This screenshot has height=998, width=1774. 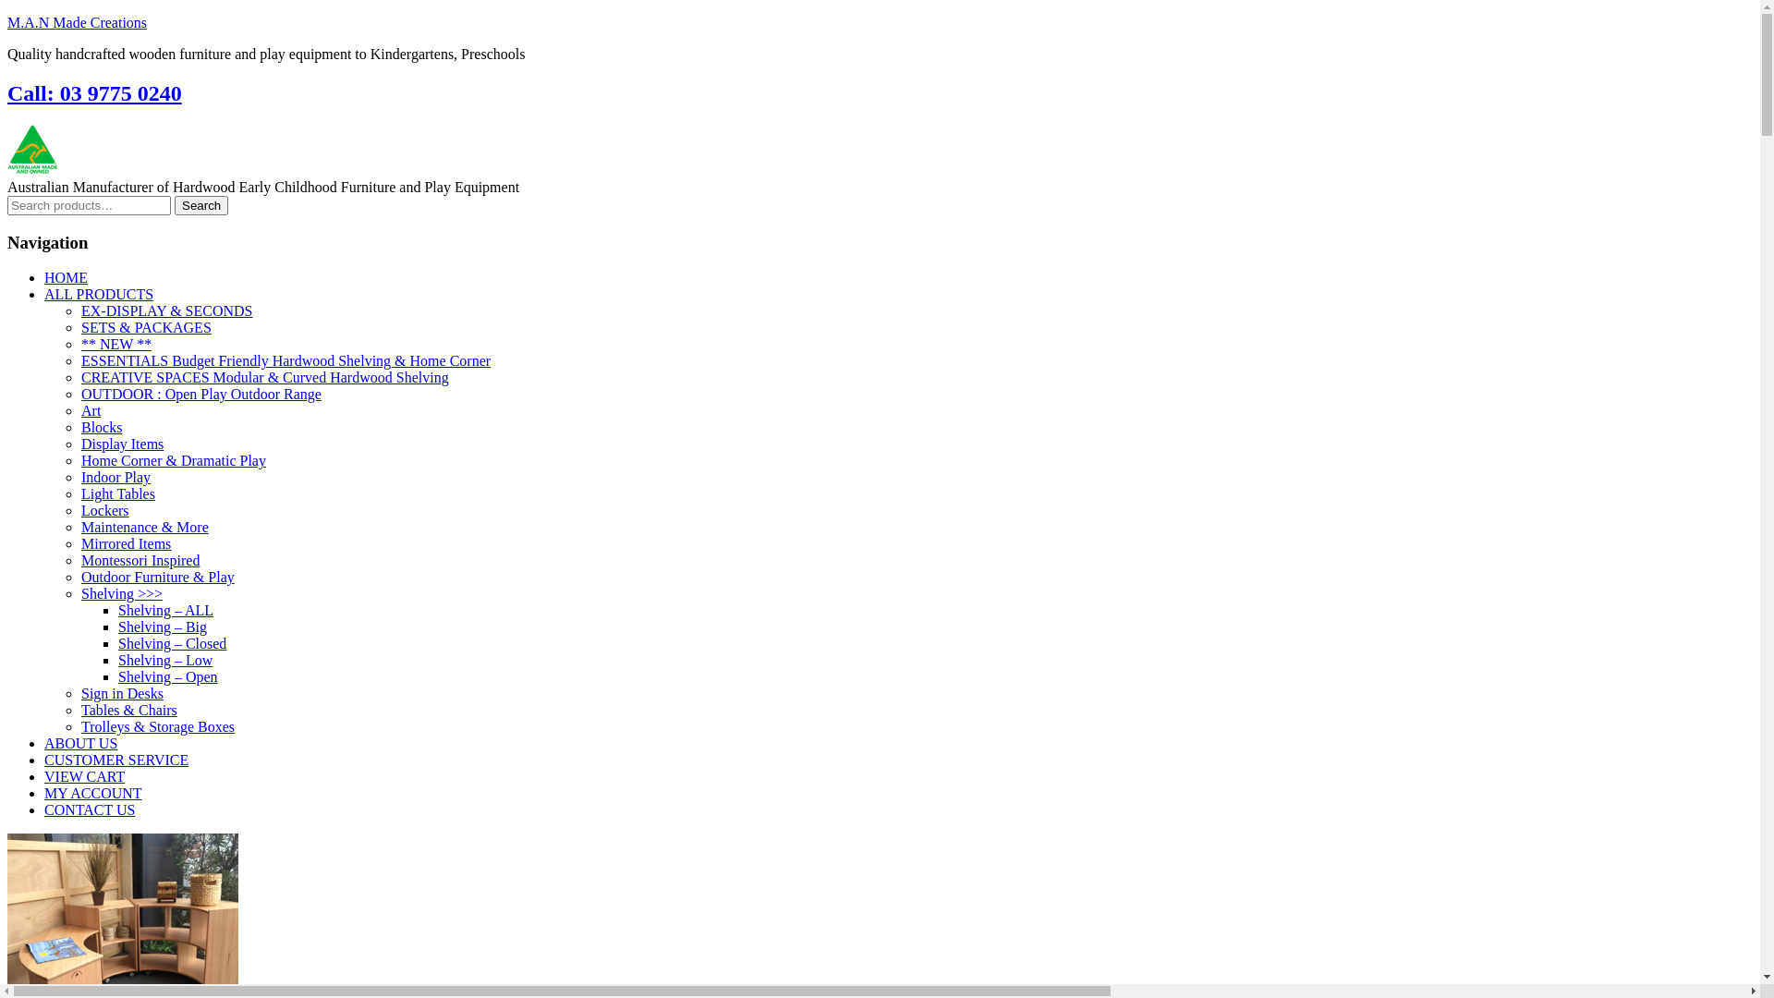 What do you see at coordinates (125, 542) in the screenshot?
I see `'Mirrored Items'` at bounding box center [125, 542].